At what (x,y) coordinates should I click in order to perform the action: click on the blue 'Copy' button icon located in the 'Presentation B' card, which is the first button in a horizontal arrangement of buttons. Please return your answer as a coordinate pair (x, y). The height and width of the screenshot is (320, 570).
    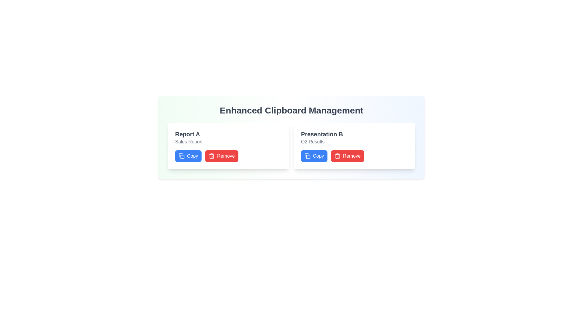
    Looking at the image, I should click on (308, 156).